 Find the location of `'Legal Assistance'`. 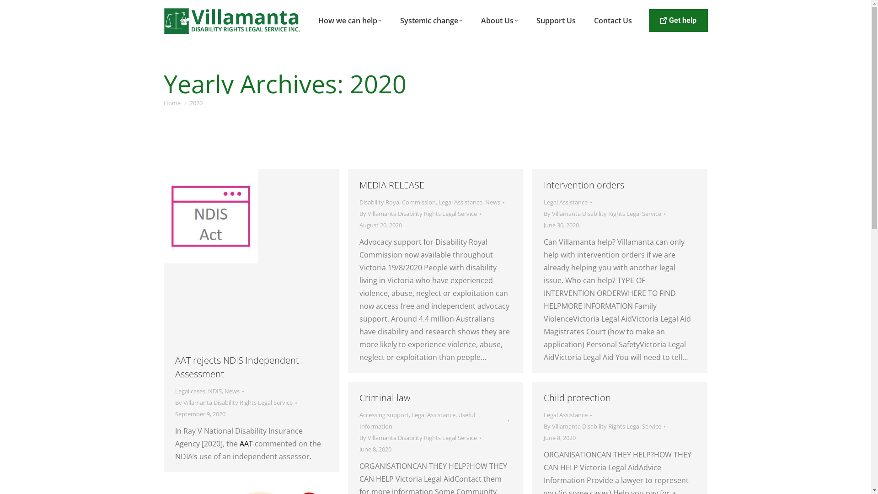

'Legal Assistance' is located at coordinates (565, 202).